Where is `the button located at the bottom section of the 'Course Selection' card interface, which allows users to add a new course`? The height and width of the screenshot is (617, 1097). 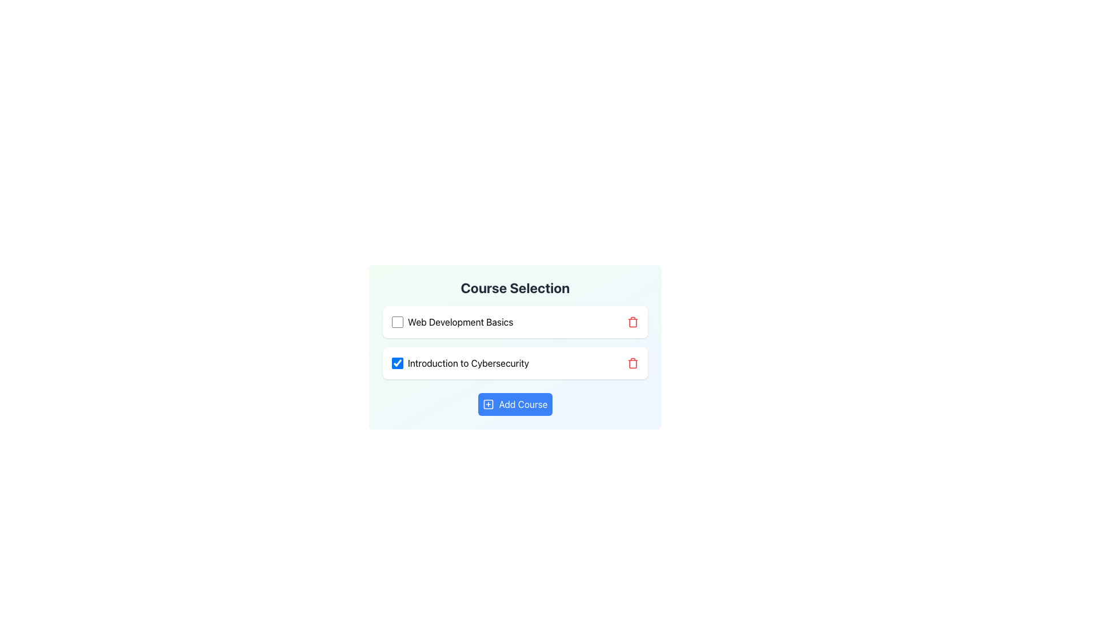 the button located at the bottom section of the 'Course Selection' card interface, which allows users to add a new course is located at coordinates (515, 404).